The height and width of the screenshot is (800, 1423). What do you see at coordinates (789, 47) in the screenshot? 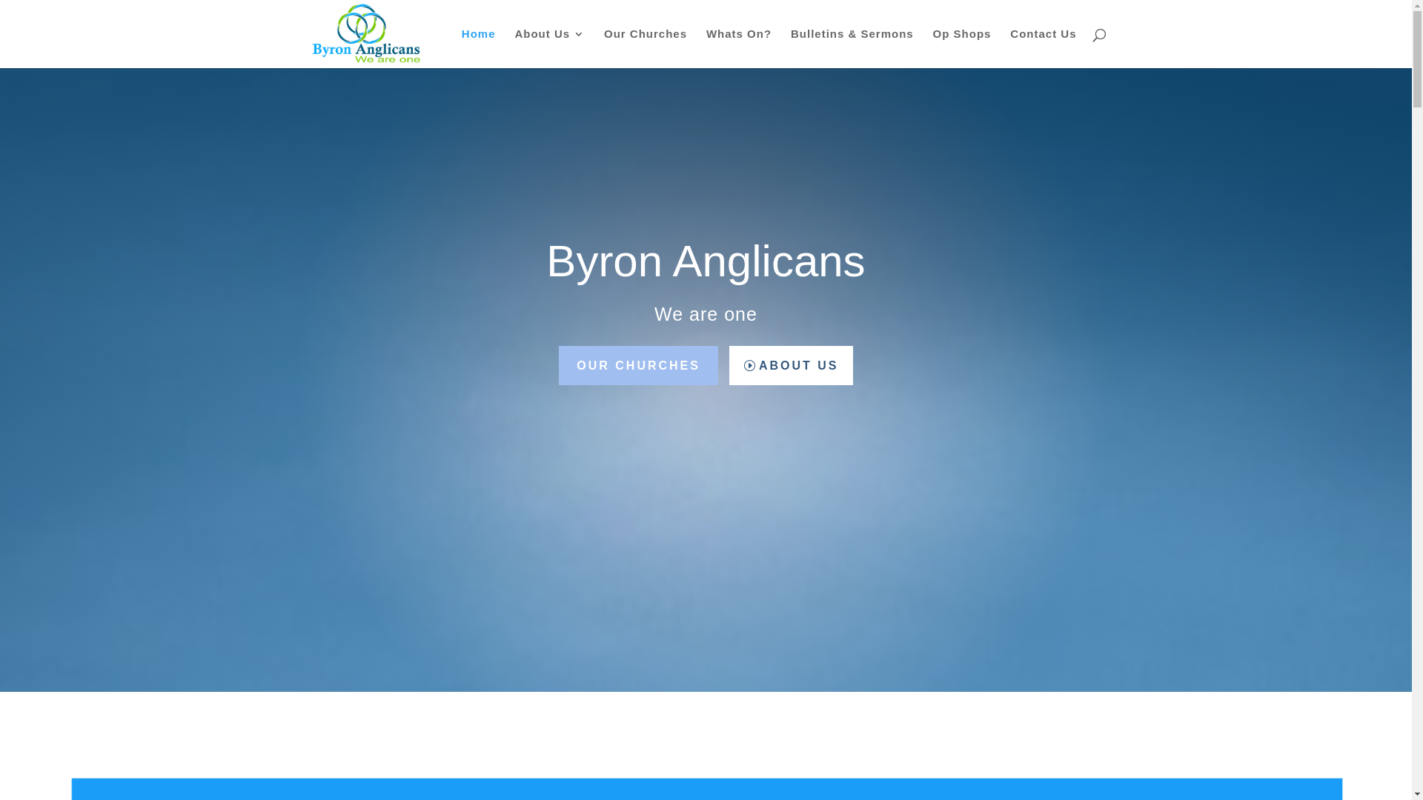
I see `'Bulletins & Sermons'` at bounding box center [789, 47].